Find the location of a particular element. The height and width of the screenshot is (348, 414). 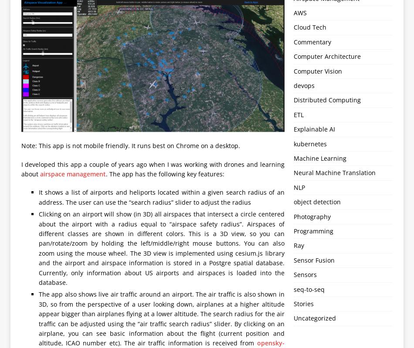

'AWS' is located at coordinates (293, 13).